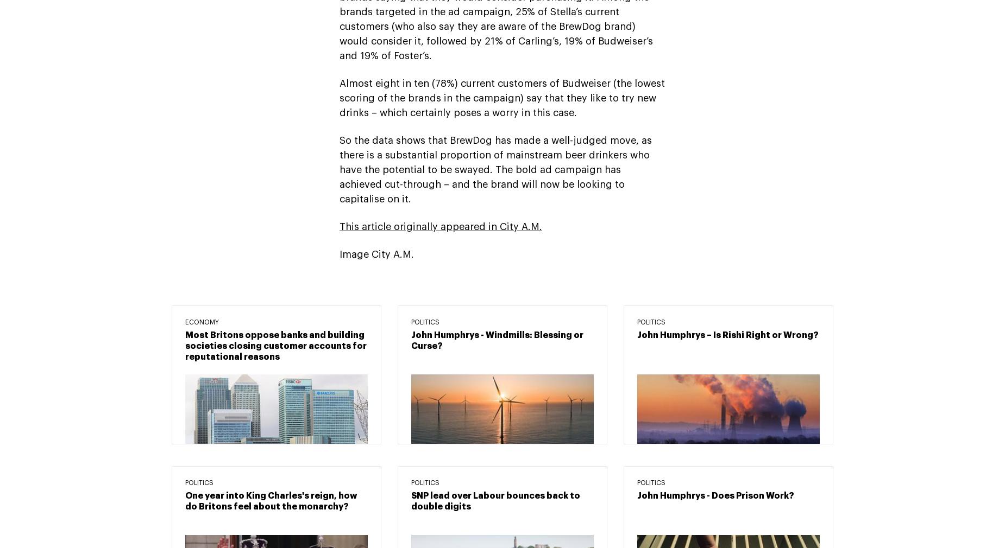  I want to click on 'So the data shows that BrewDog has made a well-judged move, as there is a substantial proportion of mainstream beer drinkers who have the potential to be swayed. The bold ad campaign has achieved cut-through – and the brand will now be looking to capitalise on it.', so click(495, 169).